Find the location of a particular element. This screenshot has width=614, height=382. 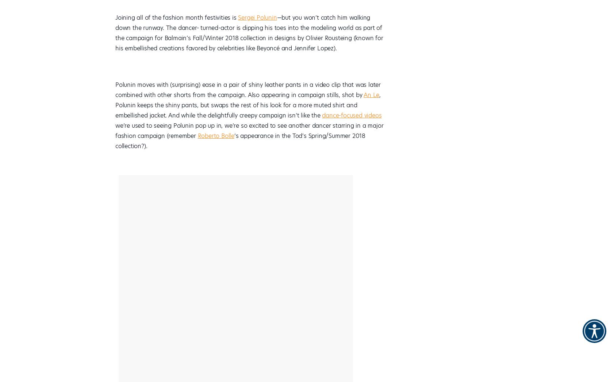

'An Le' is located at coordinates (371, 95).